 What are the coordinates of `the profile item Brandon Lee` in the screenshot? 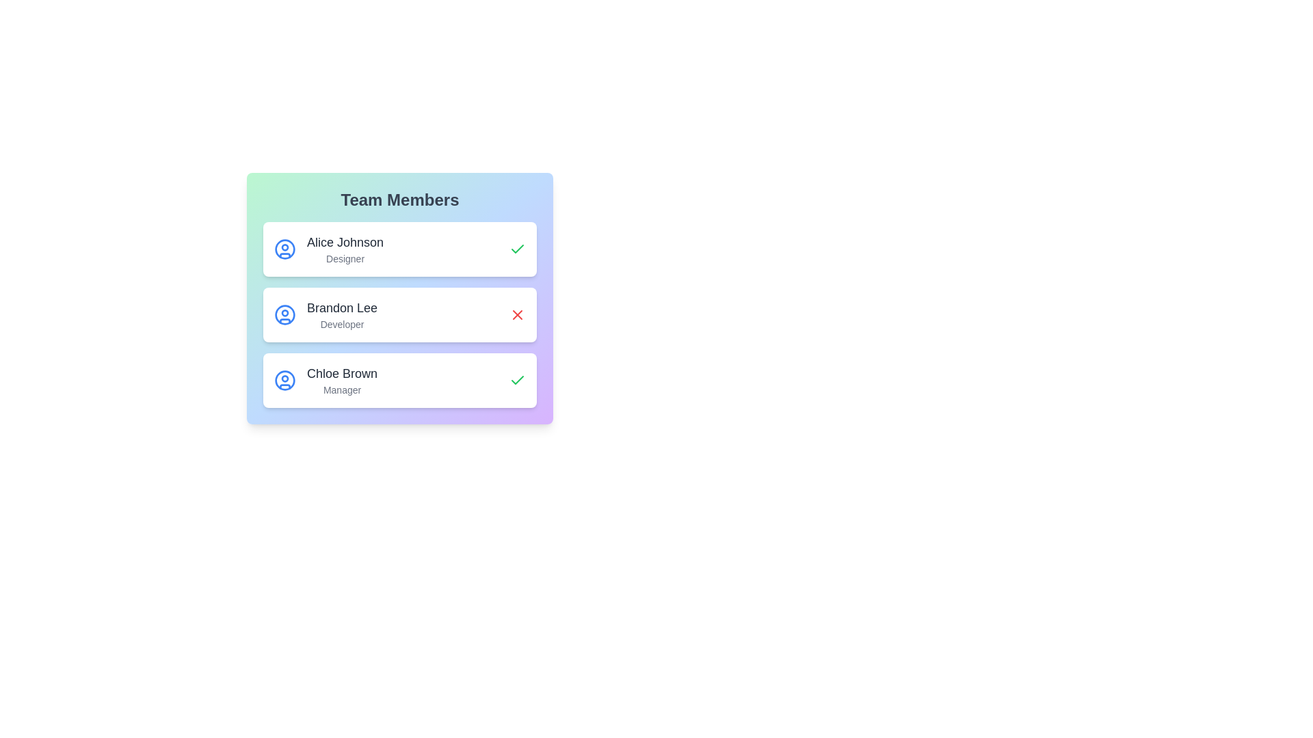 It's located at (399, 315).